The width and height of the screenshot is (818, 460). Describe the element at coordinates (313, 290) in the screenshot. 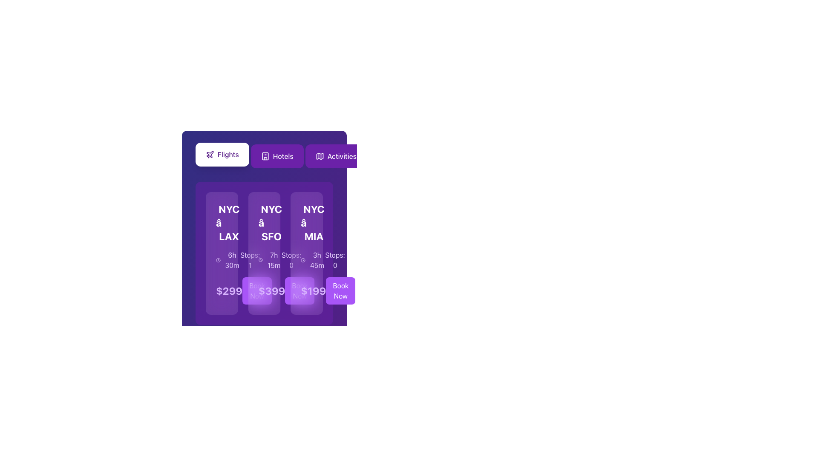

I see `the static text display element that shows the price '$199' in bold, large purple font, located to the left of the 'Book Now' button in the NYC-MIA flight option column` at that location.